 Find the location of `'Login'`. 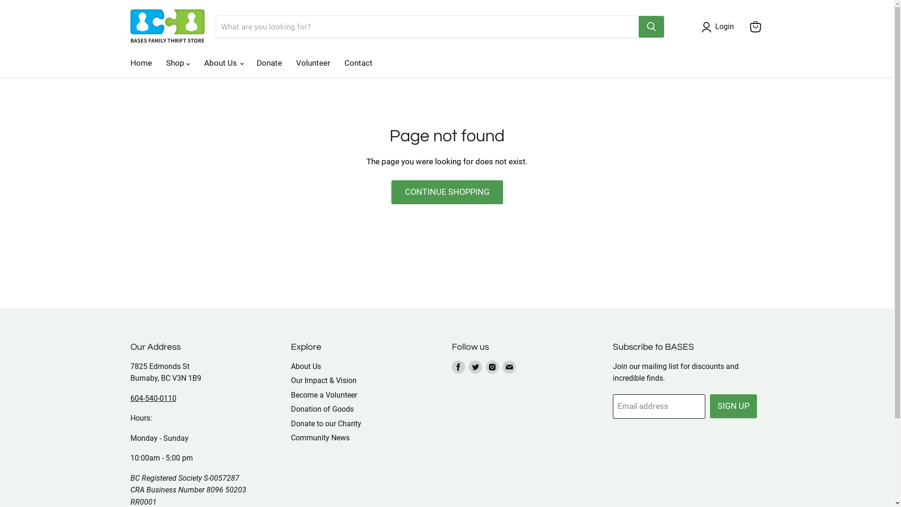

'Login' is located at coordinates (711, 26).